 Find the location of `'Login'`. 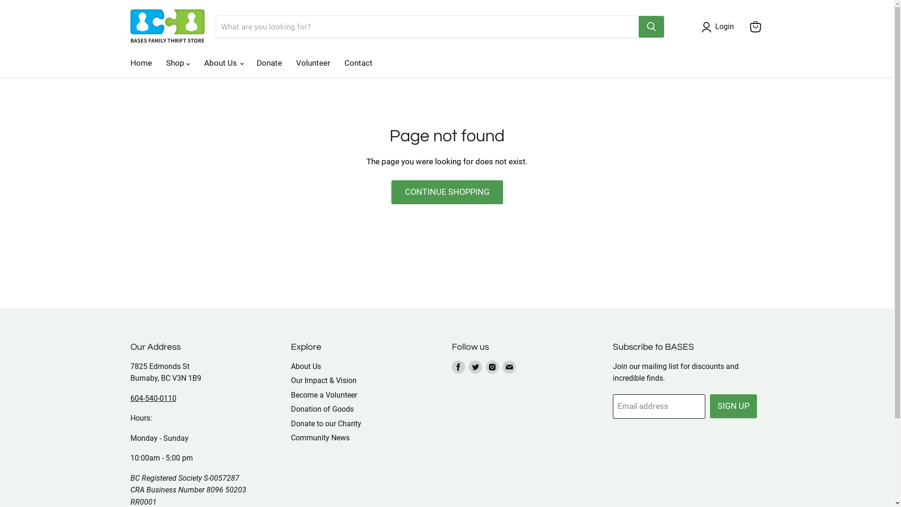

'Login' is located at coordinates (711, 26).